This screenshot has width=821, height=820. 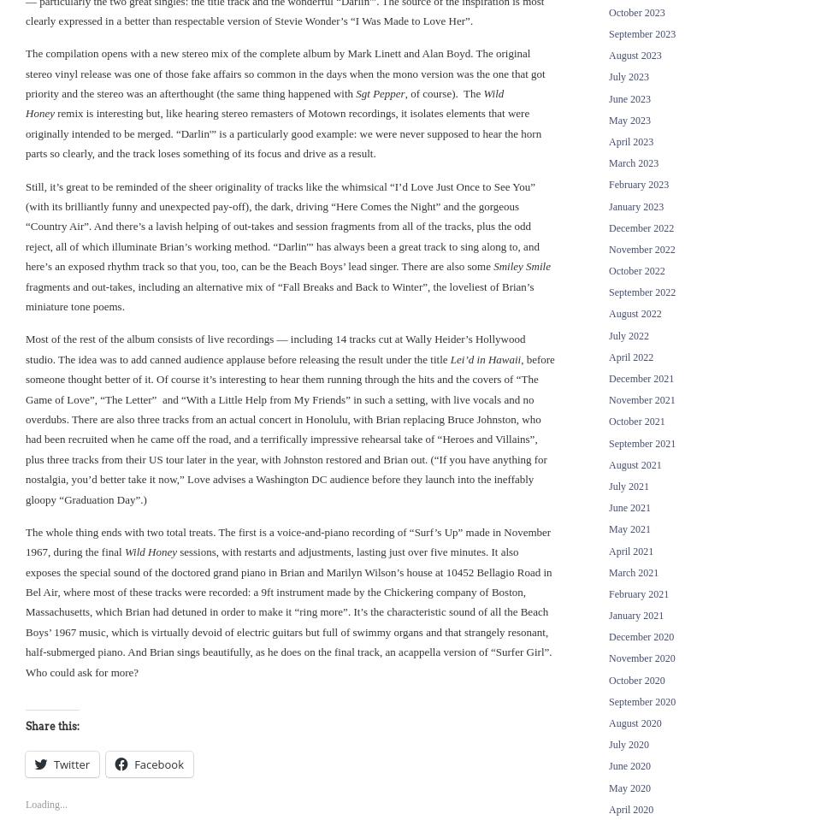 What do you see at coordinates (628, 485) in the screenshot?
I see `'July 2021'` at bounding box center [628, 485].